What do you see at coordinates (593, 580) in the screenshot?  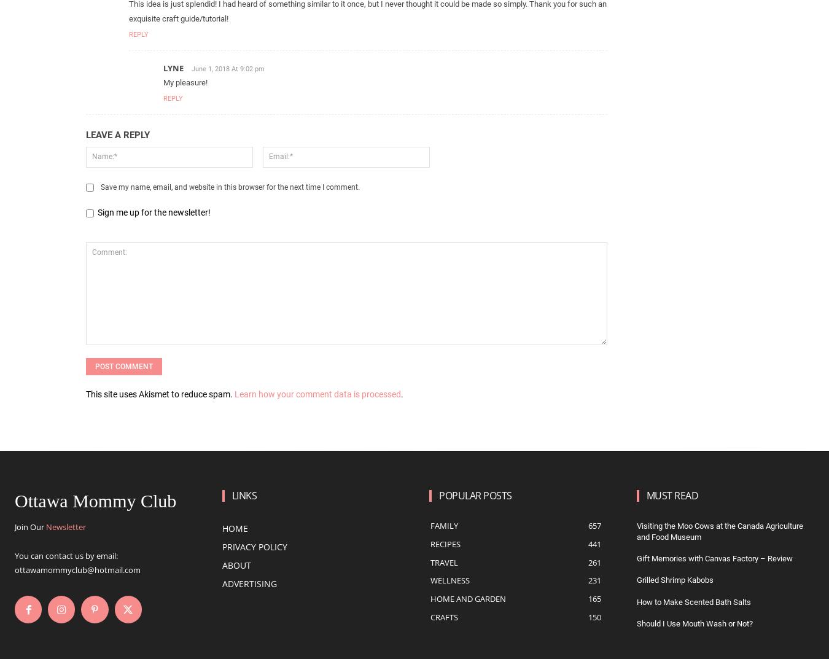 I see `'231'` at bounding box center [593, 580].